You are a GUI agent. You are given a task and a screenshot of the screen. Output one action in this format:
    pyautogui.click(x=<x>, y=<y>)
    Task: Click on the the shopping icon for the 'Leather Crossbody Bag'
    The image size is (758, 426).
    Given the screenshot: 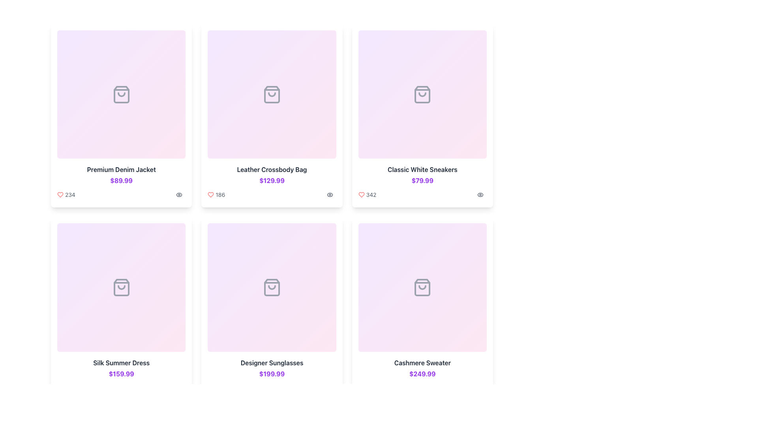 What is the action you would take?
    pyautogui.click(x=272, y=94)
    